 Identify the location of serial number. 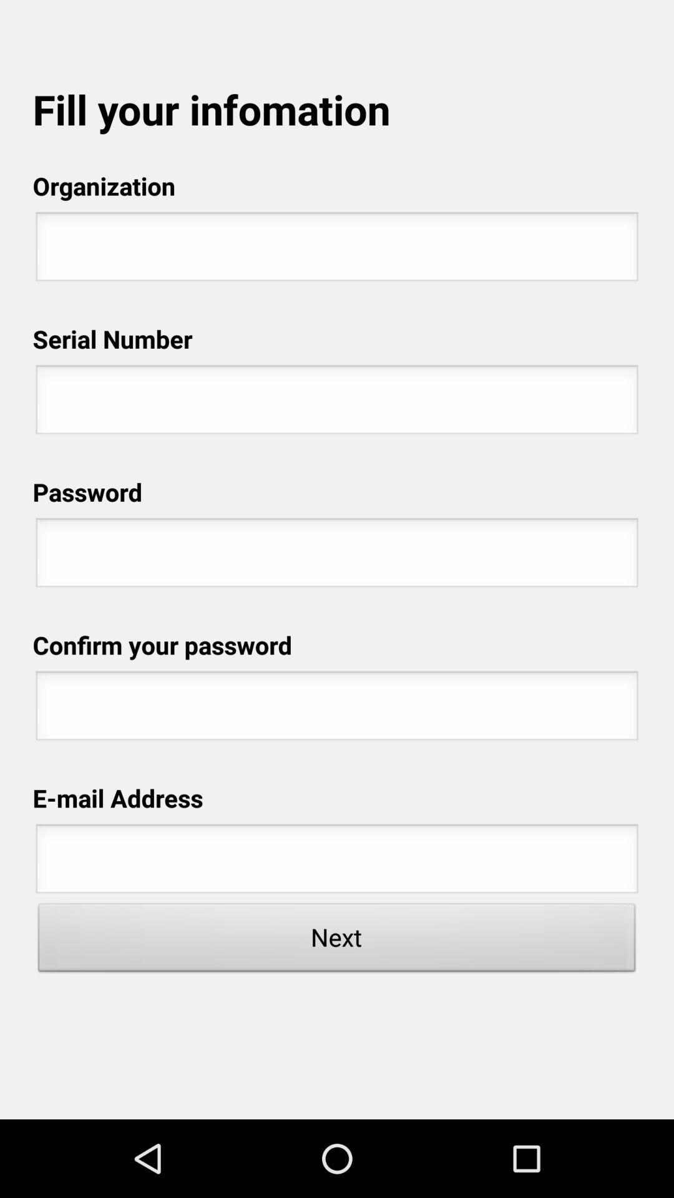
(337, 403).